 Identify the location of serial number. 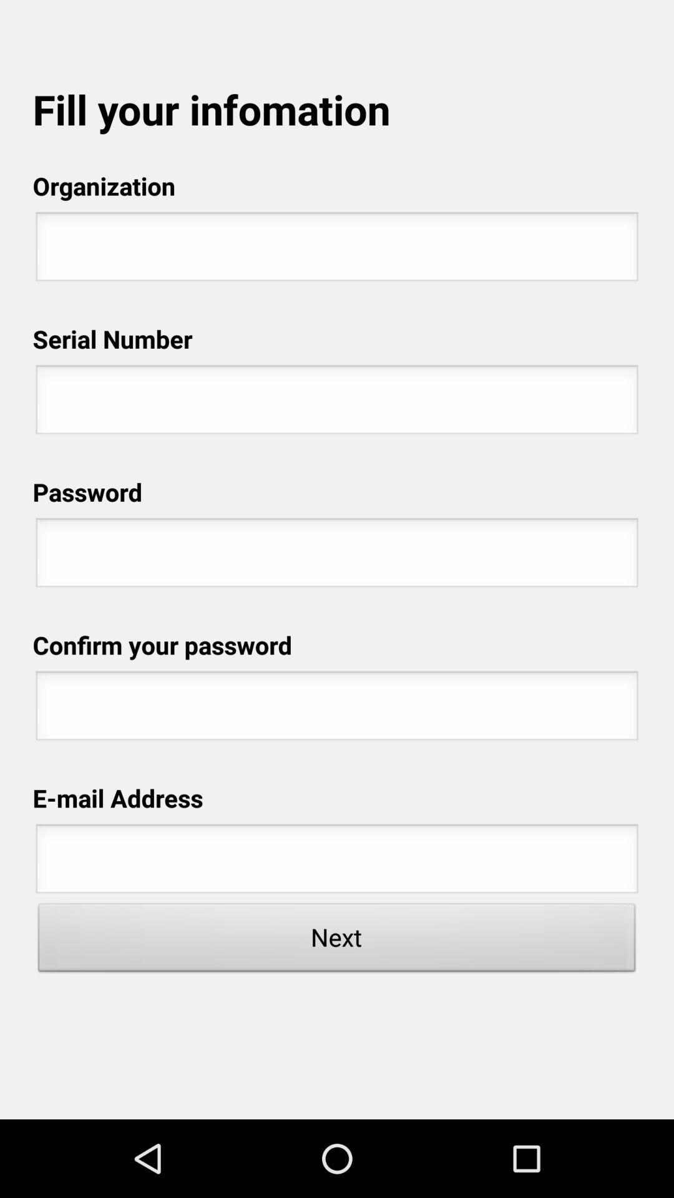
(337, 403).